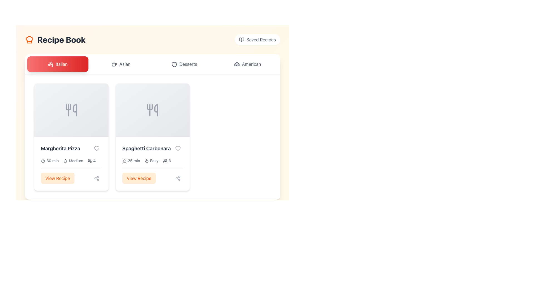  I want to click on the share icon button, which is a small light-gray icon resembling a share symbol with three connected circles, located at the bottom-right corner of the 'Spaghetti Carbonara' recipe card, so click(178, 178).